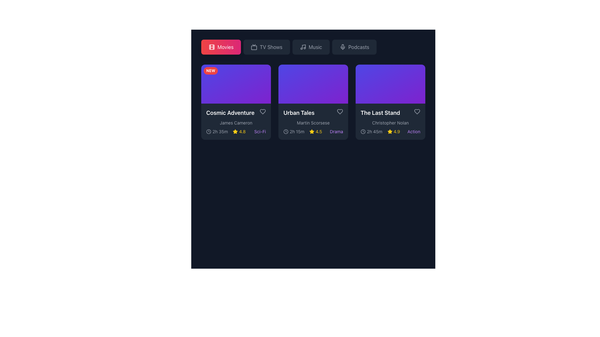  I want to click on the movie card representing a movie item with metadata such as title, director, duration, rating, and genre, which is the second card in a row, positioned between 'Cosmic Adventure' and 'The Last Stand', so click(313, 102).